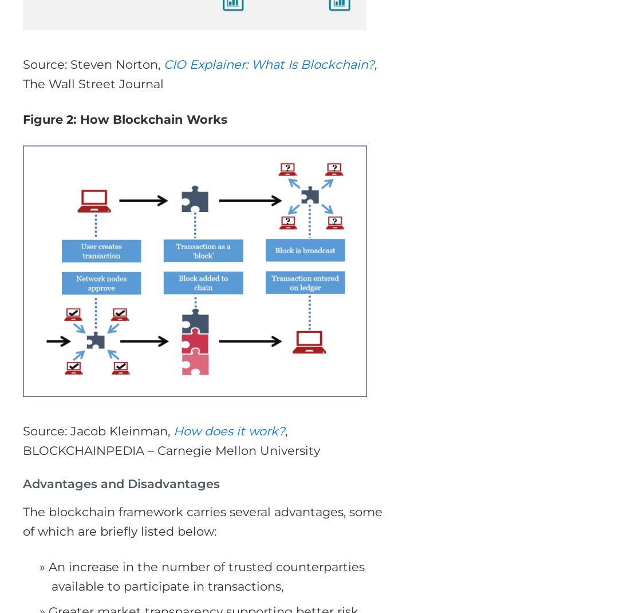 The height and width of the screenshot is (613, 631). Describe the element at coordinates (202, 521) in the screenshot. I see `'The blockchain framework carries several advantages, some of which are briefly listed below:'` at that location.